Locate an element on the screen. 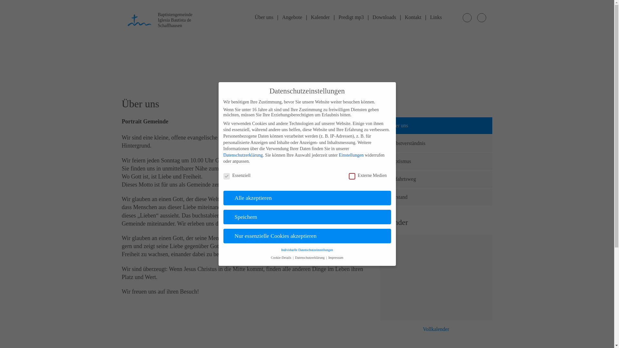 The image size is (619, 348). 'Kalender' is located at coordinates (320, 17).